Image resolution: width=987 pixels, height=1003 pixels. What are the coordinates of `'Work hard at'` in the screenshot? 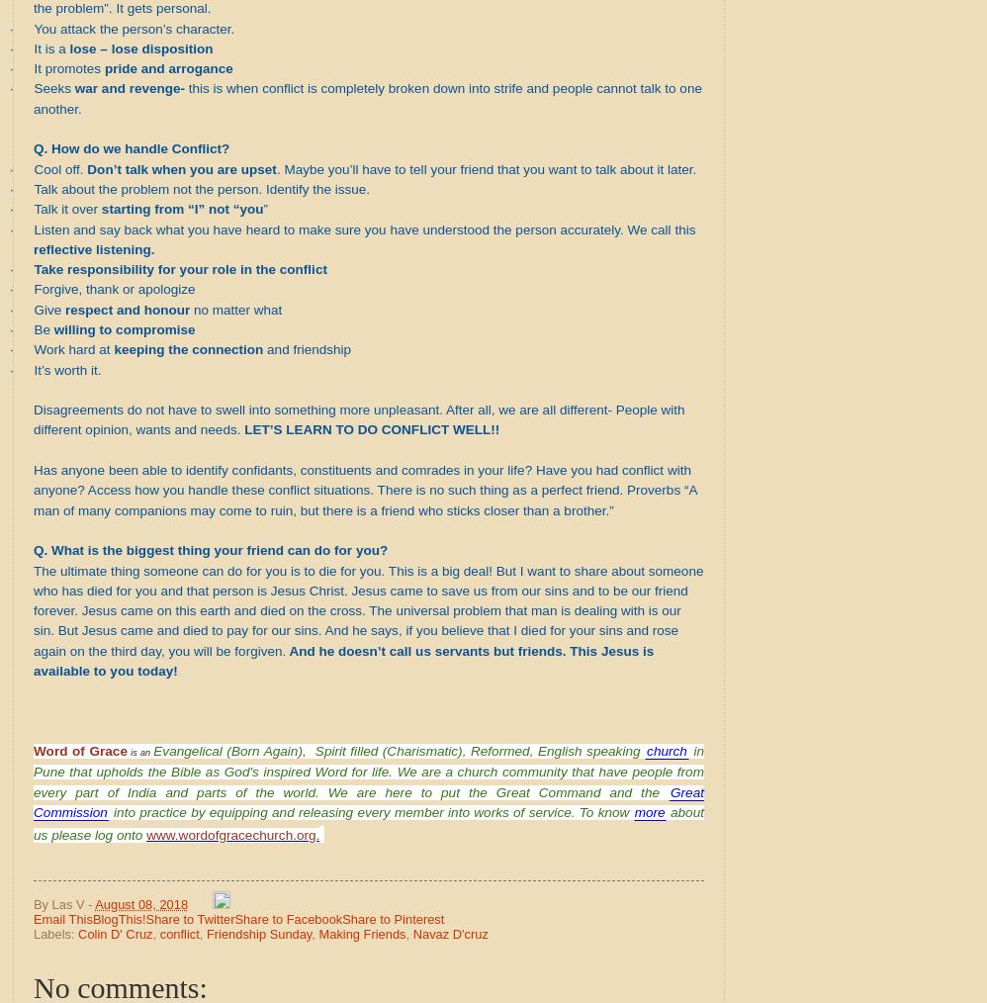 It's located at (72, 348).